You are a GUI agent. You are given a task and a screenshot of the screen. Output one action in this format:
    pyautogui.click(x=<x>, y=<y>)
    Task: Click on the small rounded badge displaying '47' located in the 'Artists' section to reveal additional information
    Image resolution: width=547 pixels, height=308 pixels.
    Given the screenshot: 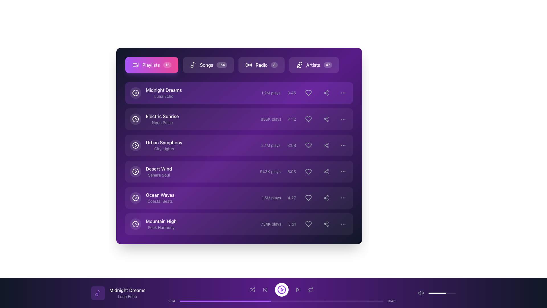 What is the action you would take?
    pyautogui.click(x=328, y=64)
    